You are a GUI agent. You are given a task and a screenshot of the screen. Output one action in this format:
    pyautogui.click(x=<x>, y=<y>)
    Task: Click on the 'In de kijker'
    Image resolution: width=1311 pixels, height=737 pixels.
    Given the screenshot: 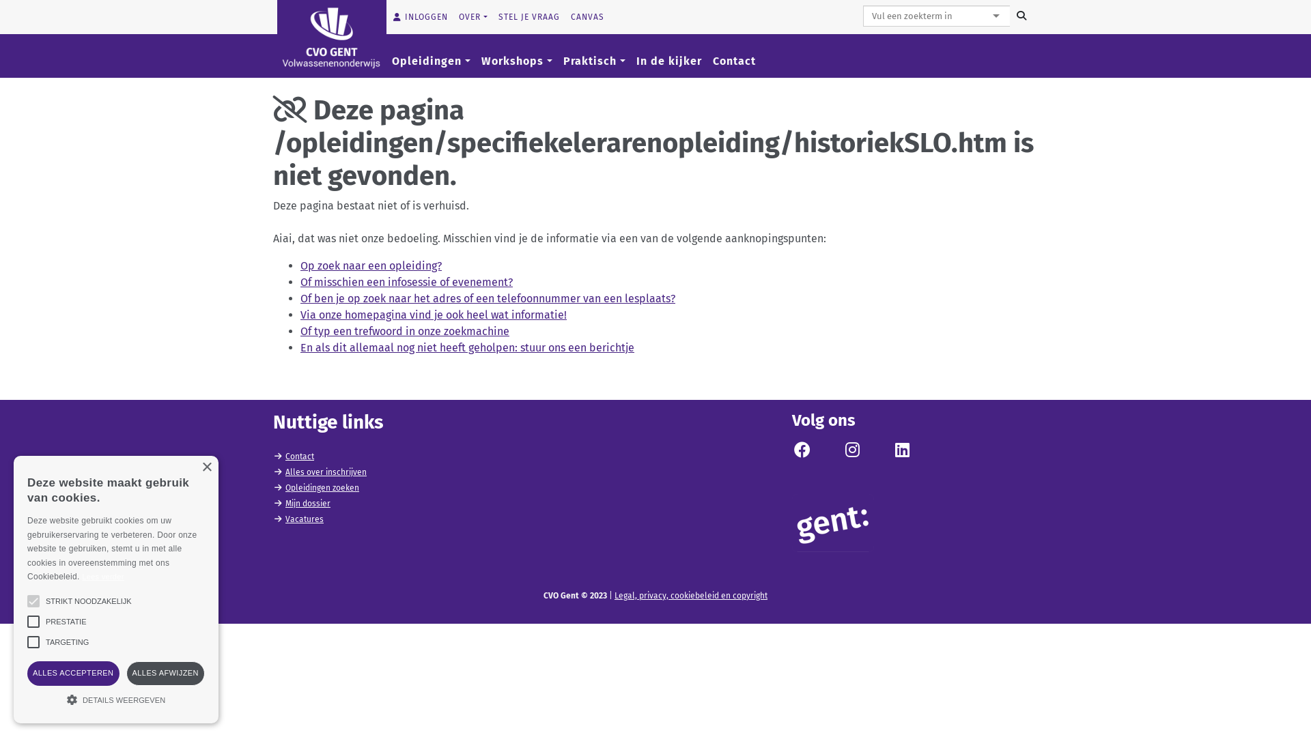 What is the action you would take?
    pyautogui.click(x=668, y=60)
    